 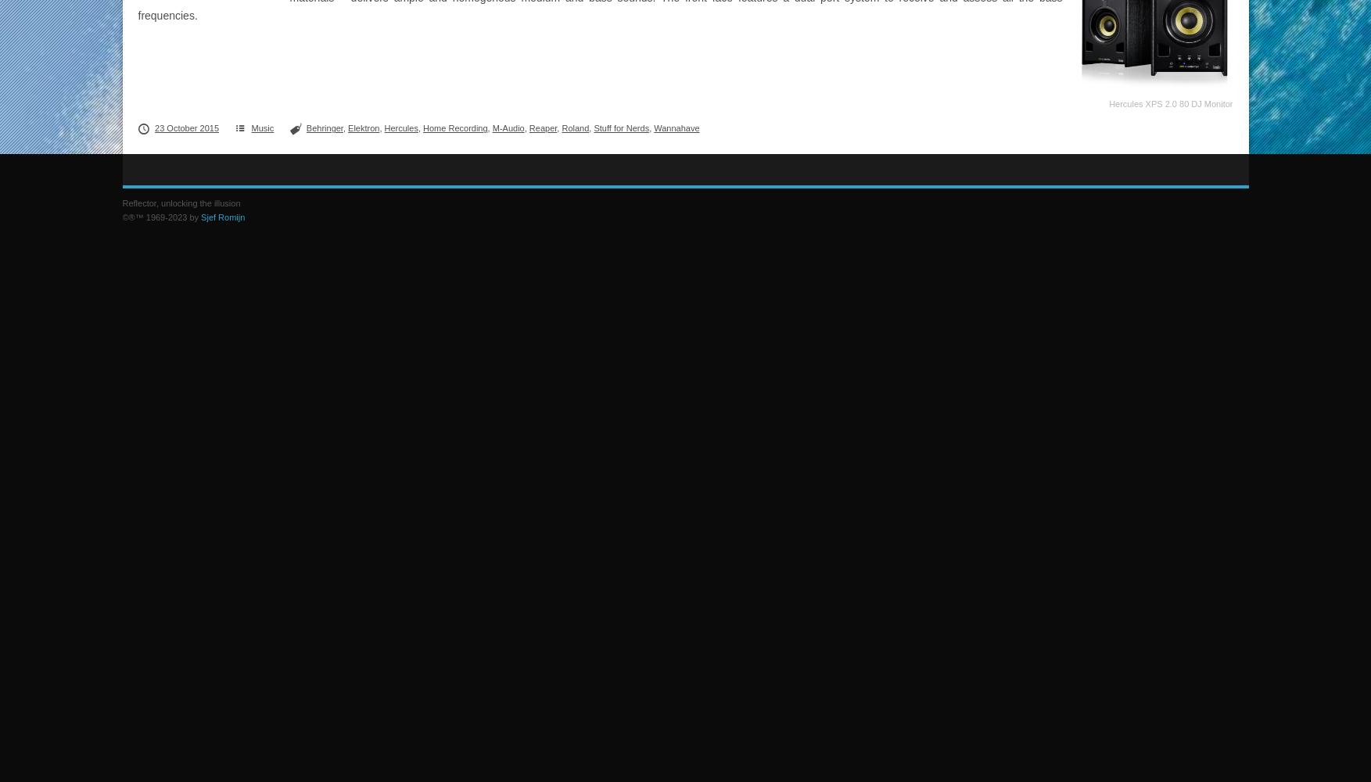 What do you see at coordinates (262, 128) in the screenshot?
I see `'Music'` at bounding box center [262, 128].